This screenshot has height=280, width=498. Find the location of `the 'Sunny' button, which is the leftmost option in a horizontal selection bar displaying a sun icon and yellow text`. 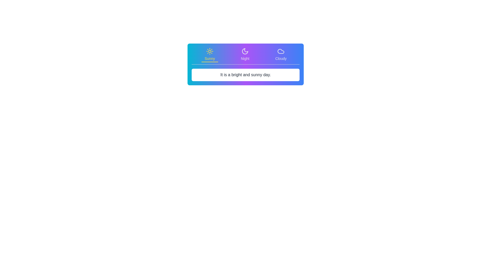

the 'Sunny' button, which is the leftmost option in a horizontal selection bar displaying a sun icon and yellow text is located at coordinates (210, 55).